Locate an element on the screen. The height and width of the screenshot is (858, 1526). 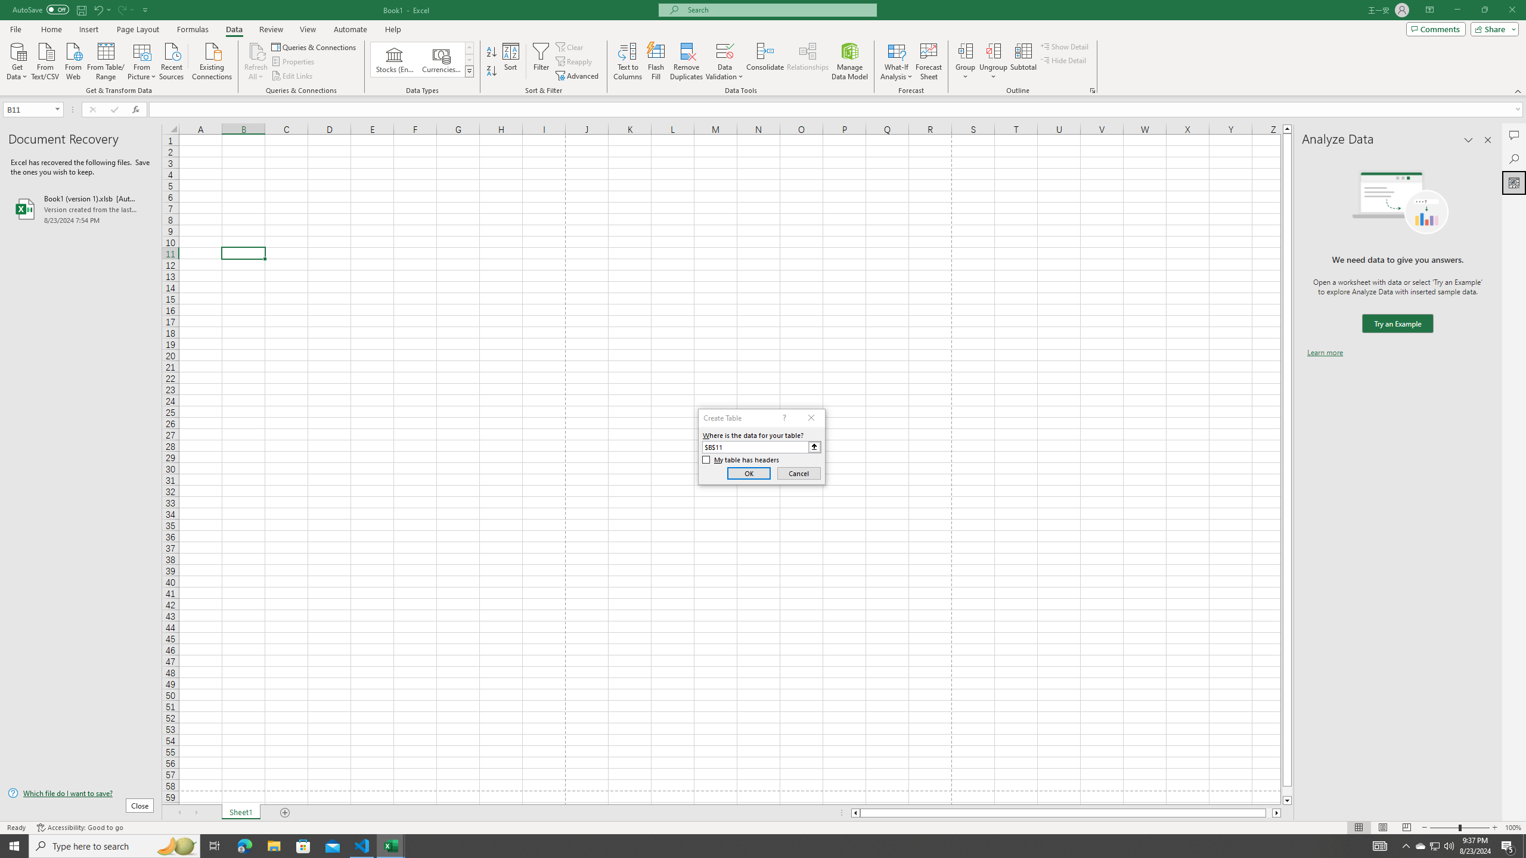
'Analyze Data' is located at coordinates (1513, 182).